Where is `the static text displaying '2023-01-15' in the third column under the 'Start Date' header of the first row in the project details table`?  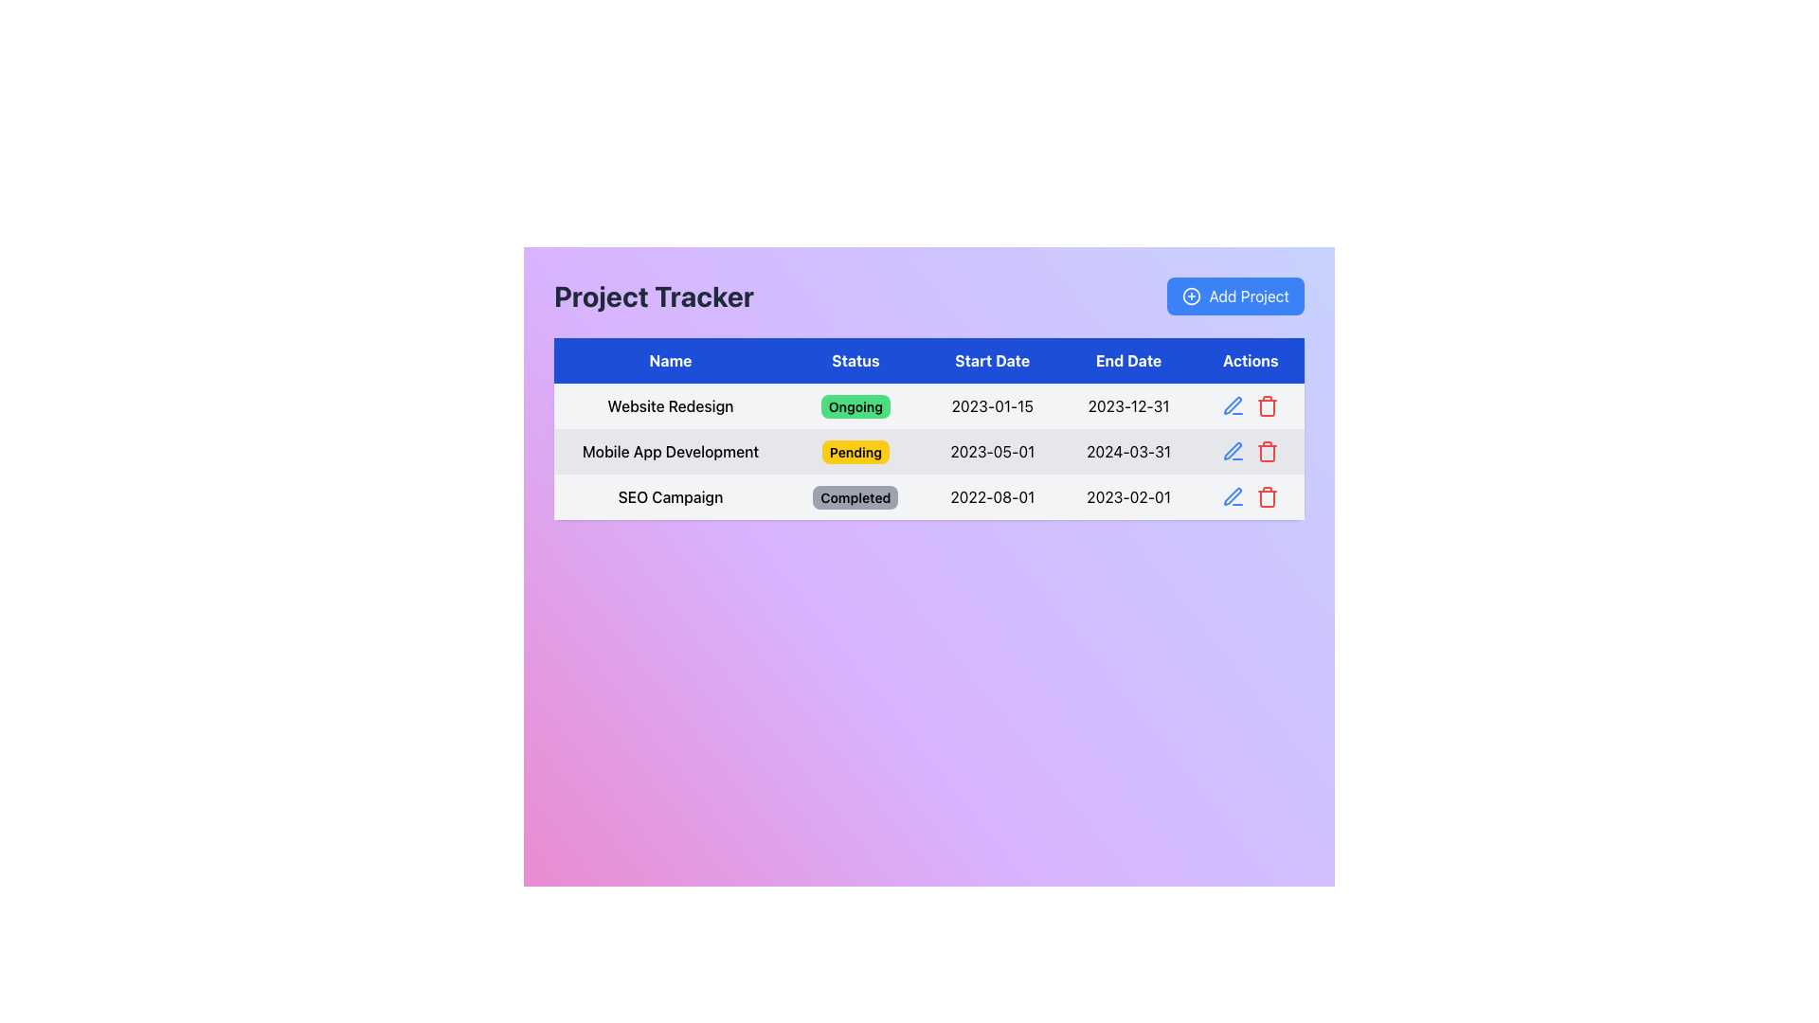 the static text displaying '2023-01-15' in the third column under the 'Start Date' header of the first row in the project details table is located at coordinates (991, 404).